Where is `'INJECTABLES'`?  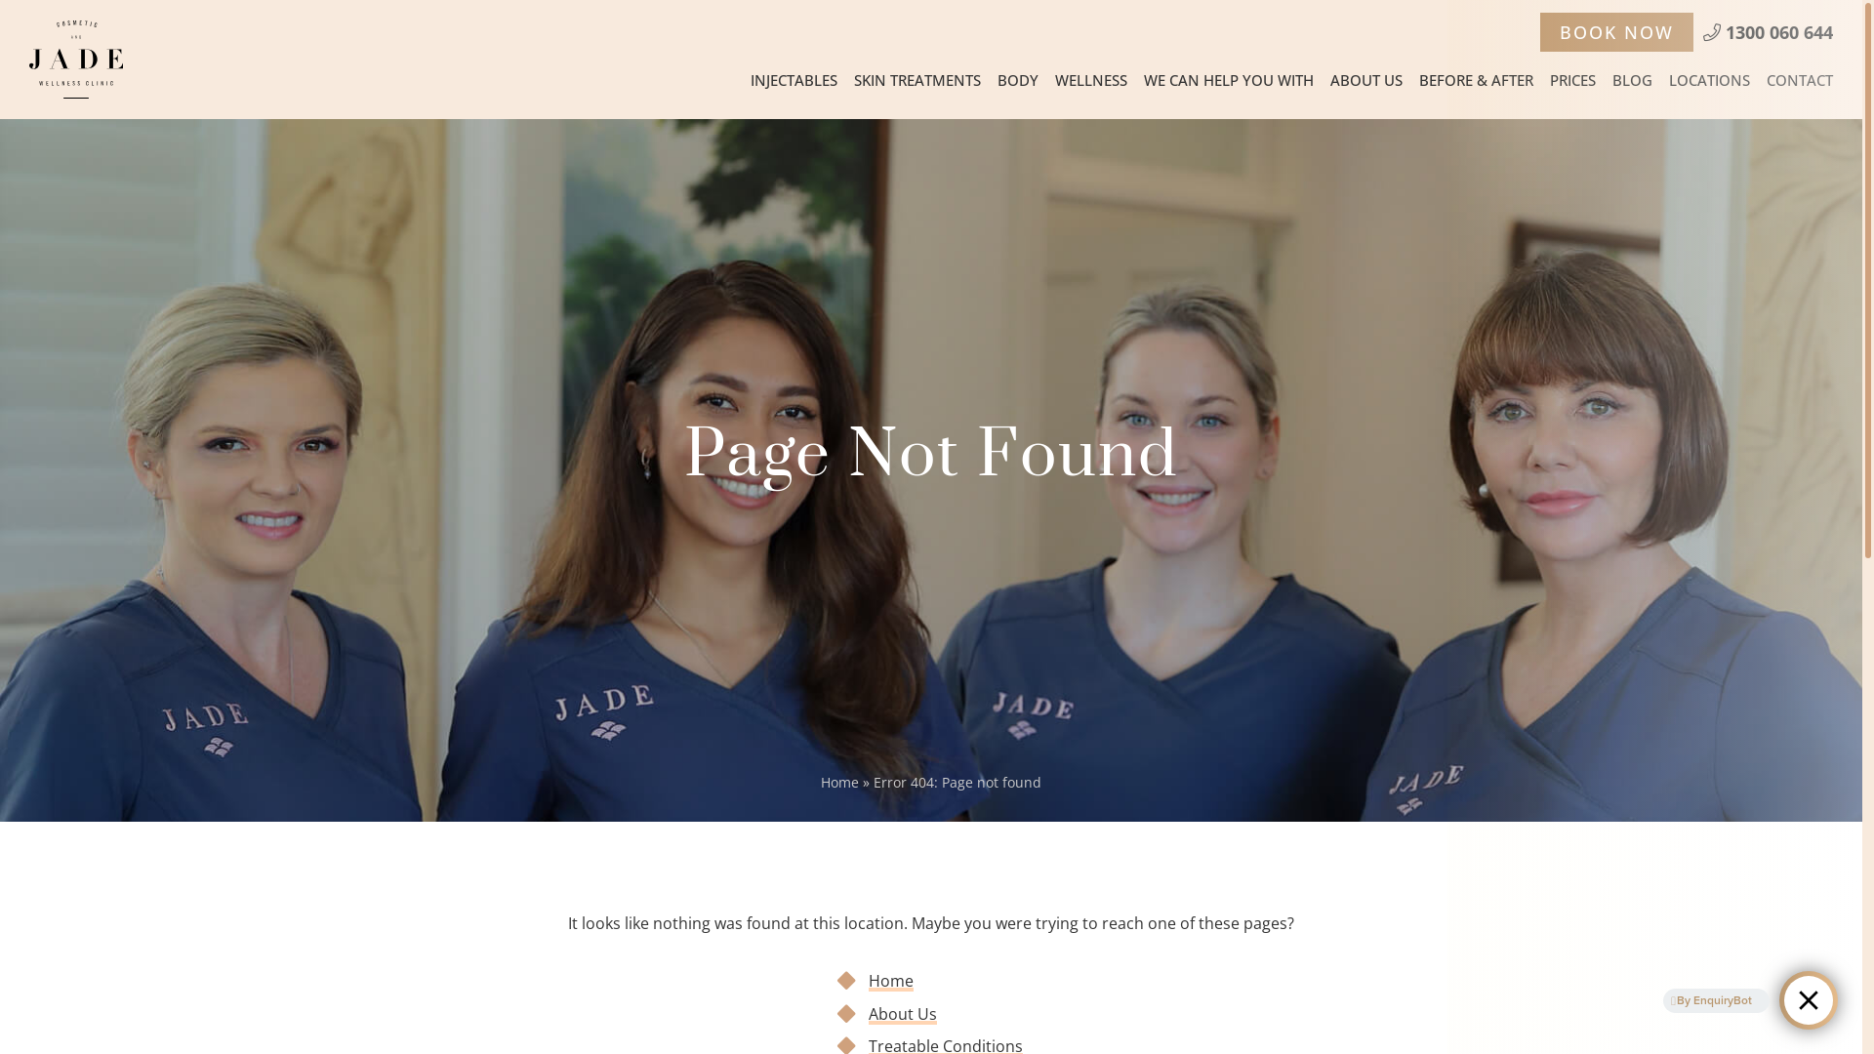 'INJECTABLES' is located at coordinates (794, 78).